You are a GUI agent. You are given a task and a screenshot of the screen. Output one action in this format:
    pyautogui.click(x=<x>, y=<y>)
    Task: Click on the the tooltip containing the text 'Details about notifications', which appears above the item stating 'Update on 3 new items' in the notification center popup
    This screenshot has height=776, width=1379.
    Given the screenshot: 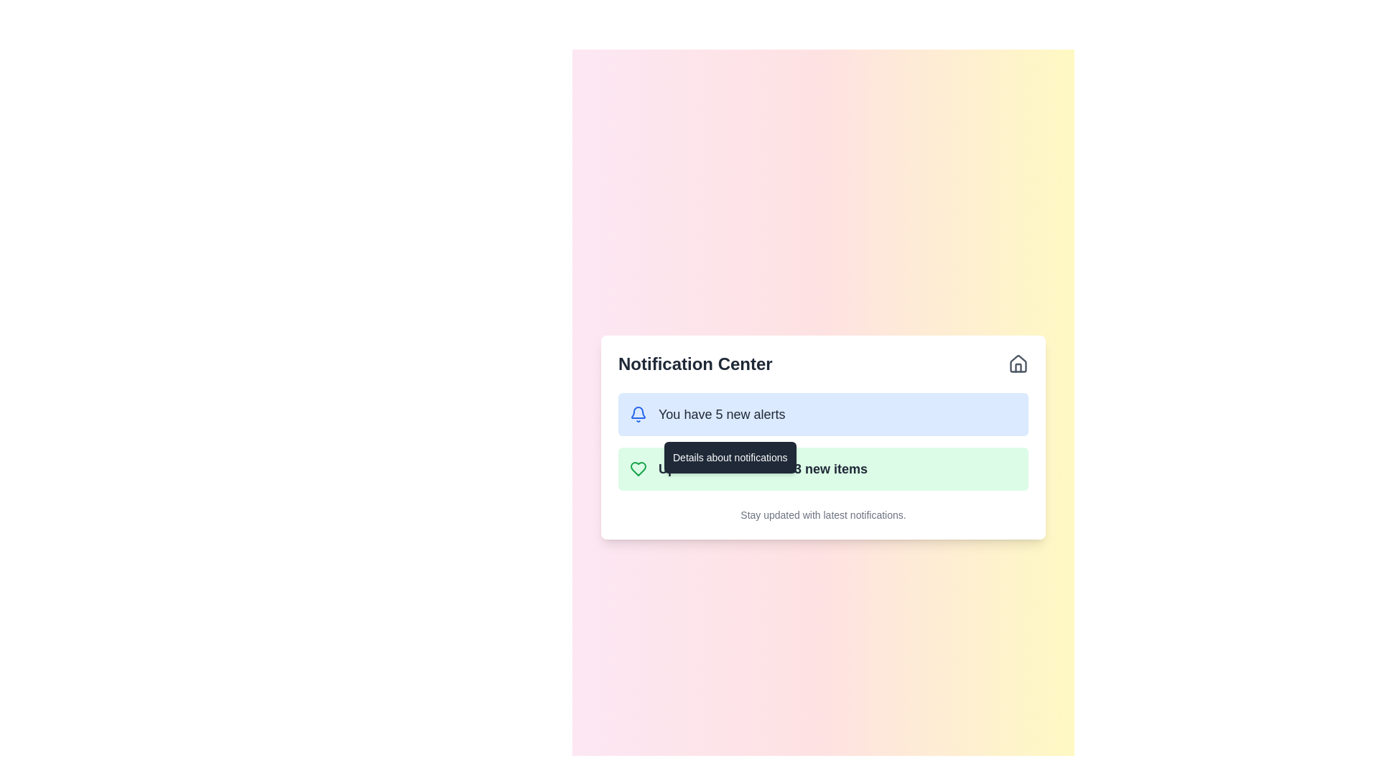 What is the action you would take?
    pyautogui.click(x=730, y=457)
    